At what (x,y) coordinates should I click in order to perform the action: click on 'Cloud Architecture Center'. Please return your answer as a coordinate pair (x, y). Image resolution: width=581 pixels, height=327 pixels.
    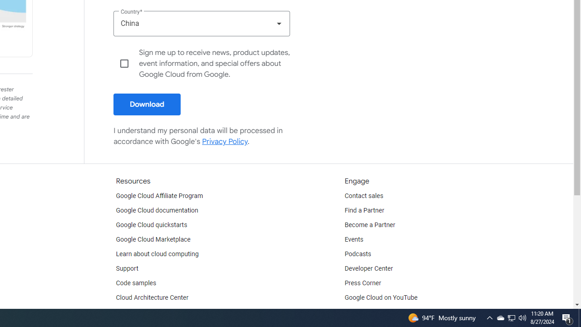
    Looking at the image, I should click on (152, 297).